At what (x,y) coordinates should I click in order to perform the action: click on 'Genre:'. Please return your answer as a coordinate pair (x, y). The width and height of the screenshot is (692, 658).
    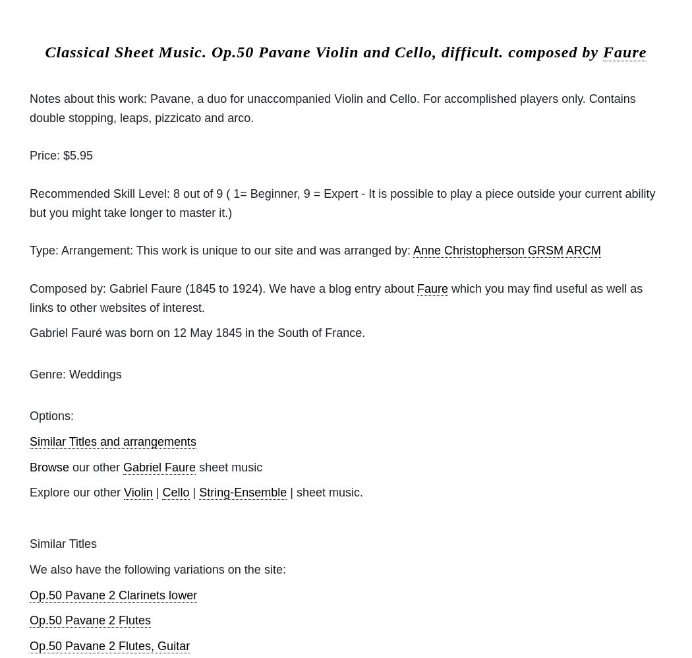
    Looking at the image, I should click on (29, 373).